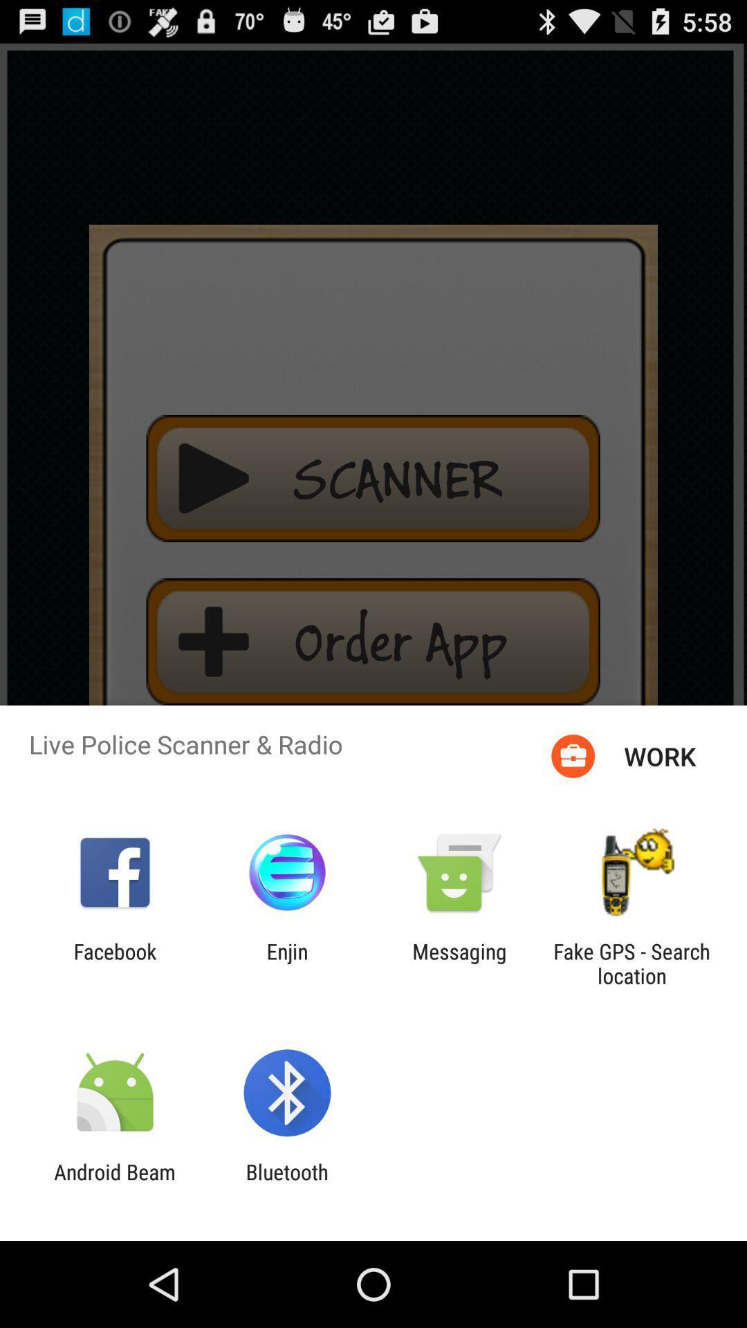  Describe the element at coordinates (114, 1183) in the screenshot. I see `the android beam item` at that location.